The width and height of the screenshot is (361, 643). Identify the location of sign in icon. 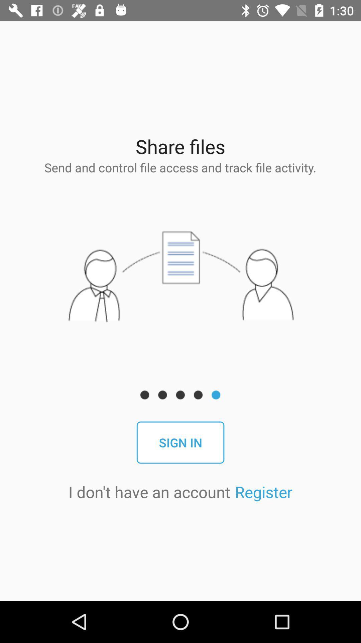
(180, 442).